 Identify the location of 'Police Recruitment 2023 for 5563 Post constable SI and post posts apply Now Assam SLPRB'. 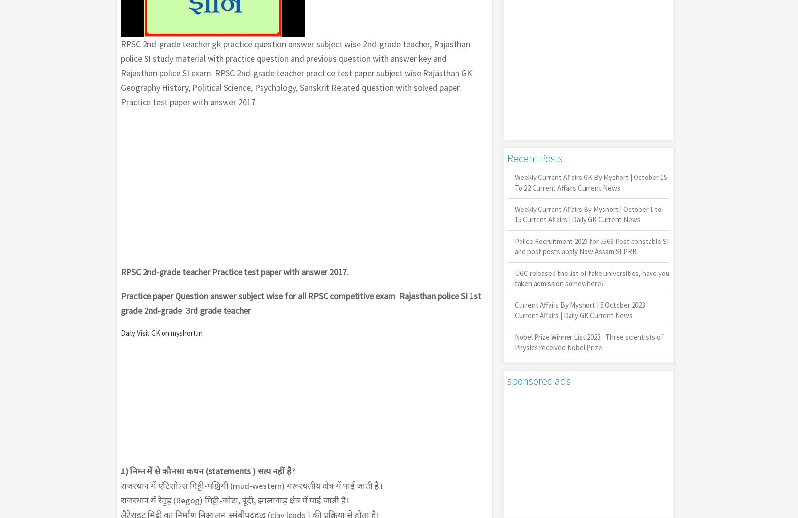
(591, 246).